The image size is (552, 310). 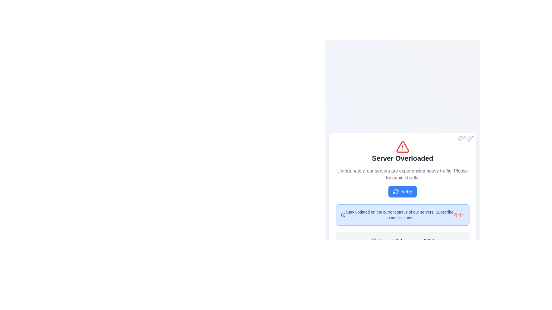 I want to click on the 'Retry' button with a blue background and white text, located centrally within the card component titled 'Server Overloaded', so click(x=402, y=191).